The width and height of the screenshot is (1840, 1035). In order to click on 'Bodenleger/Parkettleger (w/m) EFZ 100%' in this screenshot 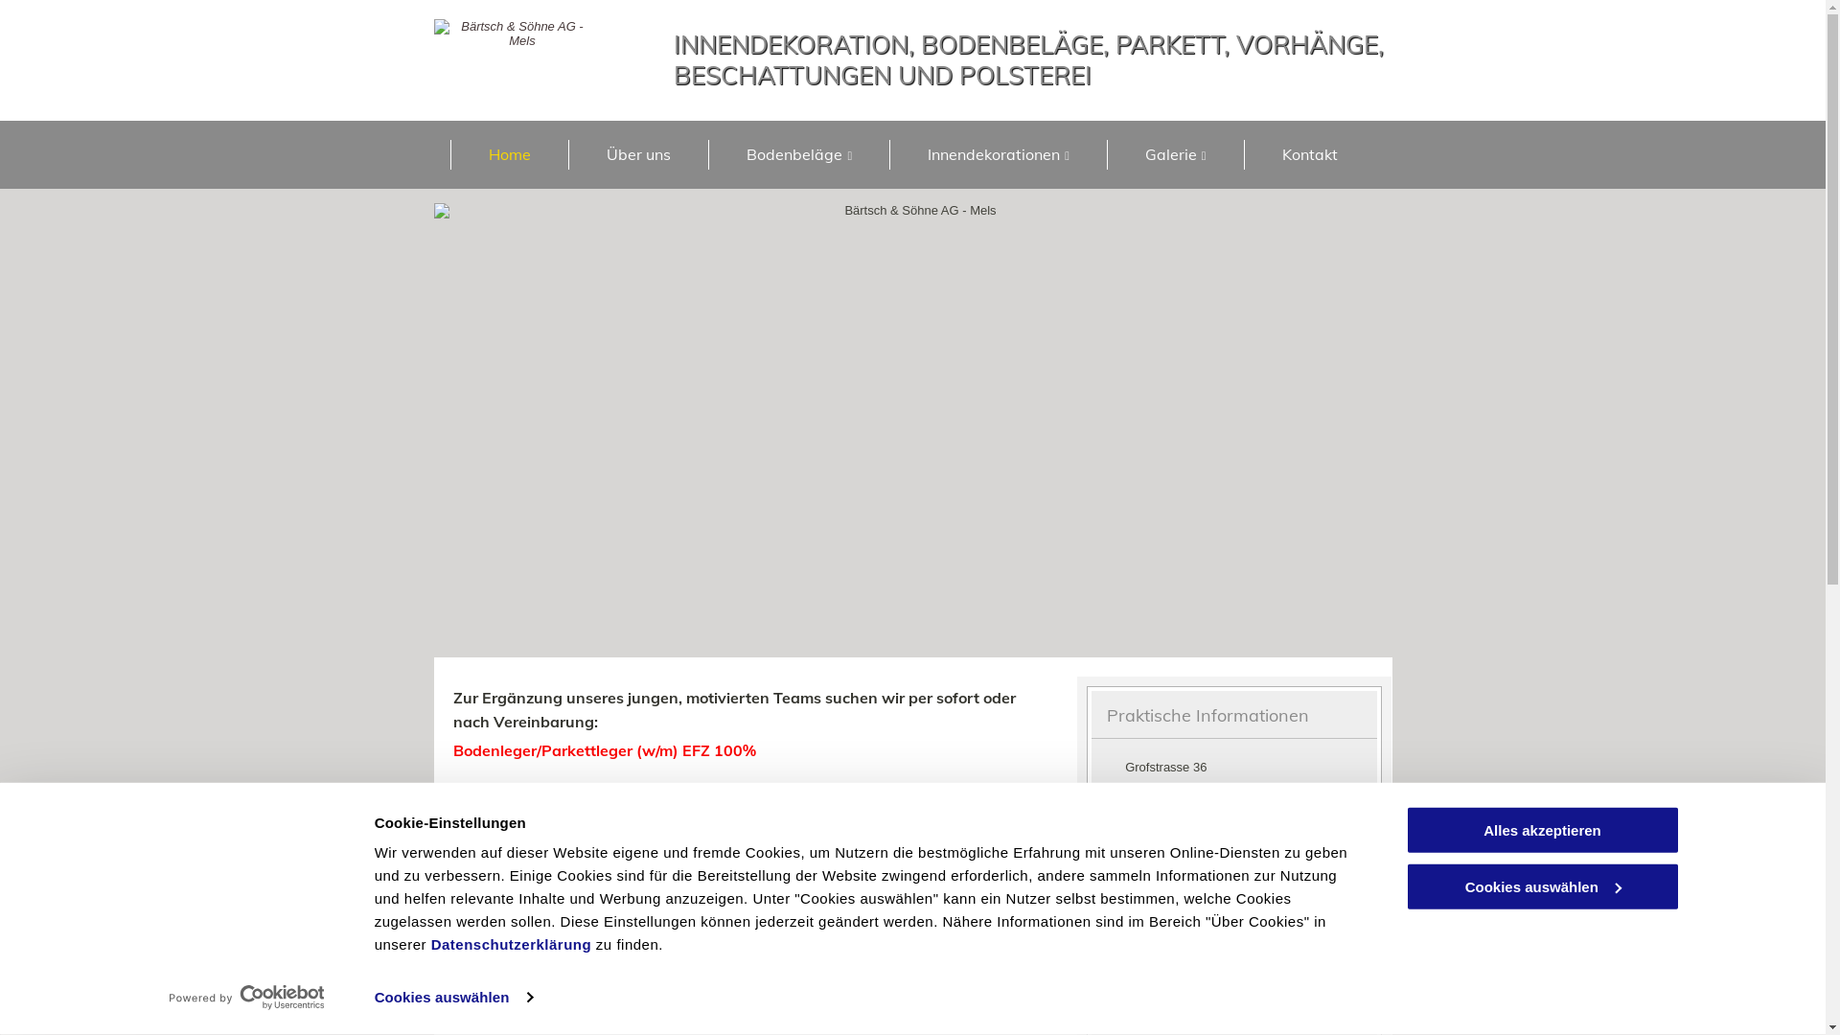, I will do `click(602, 749)`.